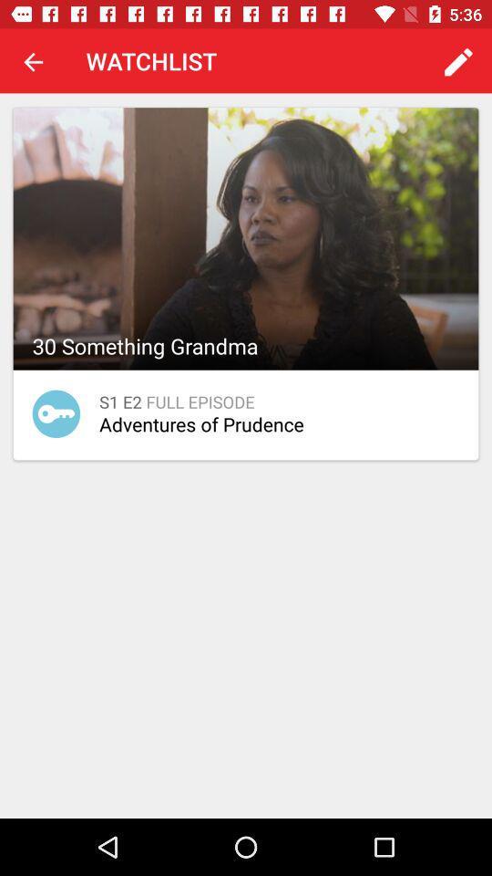  Describe the element at coordinates (33, 61) in the screenshot. I see `the app to the left of the watchlist item` at that location.